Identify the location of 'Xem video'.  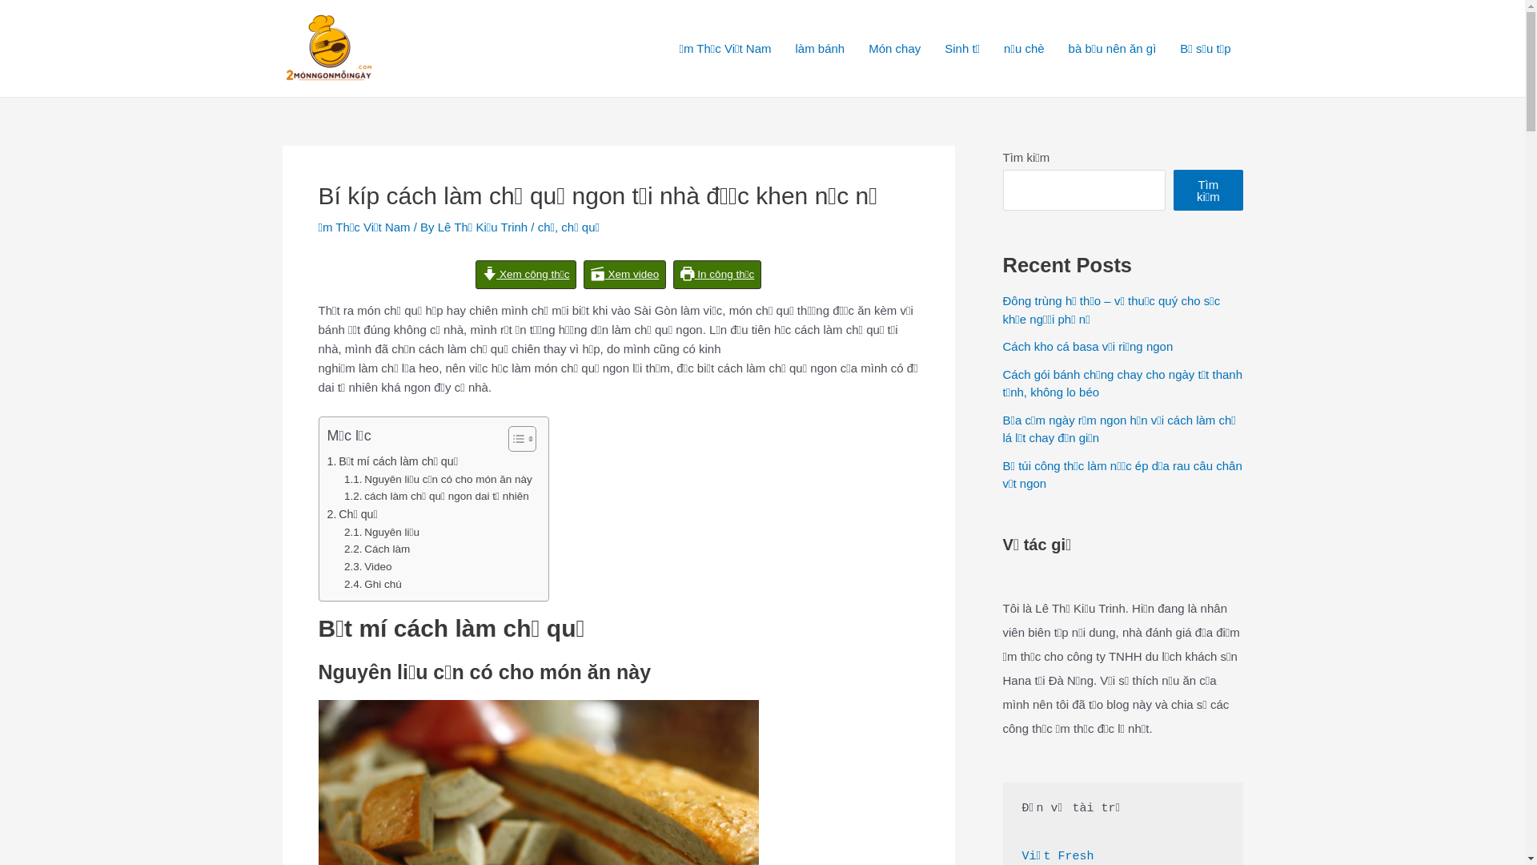
(624, 274).